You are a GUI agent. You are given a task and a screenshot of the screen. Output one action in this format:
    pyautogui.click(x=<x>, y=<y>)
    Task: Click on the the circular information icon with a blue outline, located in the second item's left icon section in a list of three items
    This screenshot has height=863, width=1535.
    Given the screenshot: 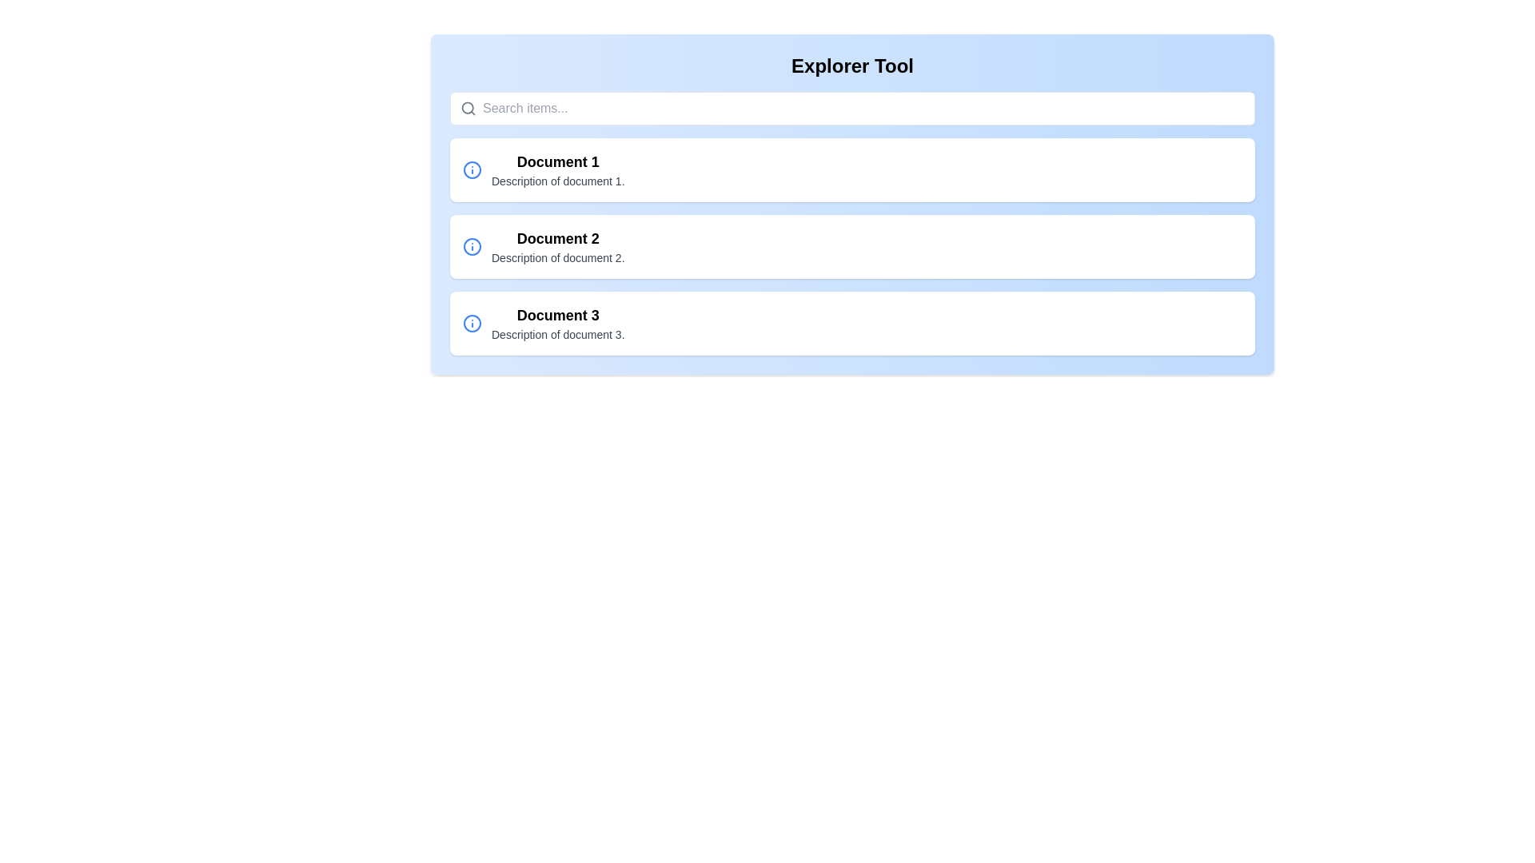 What is the action you would take?
    pyautogui.click(x=471, y=246)
    